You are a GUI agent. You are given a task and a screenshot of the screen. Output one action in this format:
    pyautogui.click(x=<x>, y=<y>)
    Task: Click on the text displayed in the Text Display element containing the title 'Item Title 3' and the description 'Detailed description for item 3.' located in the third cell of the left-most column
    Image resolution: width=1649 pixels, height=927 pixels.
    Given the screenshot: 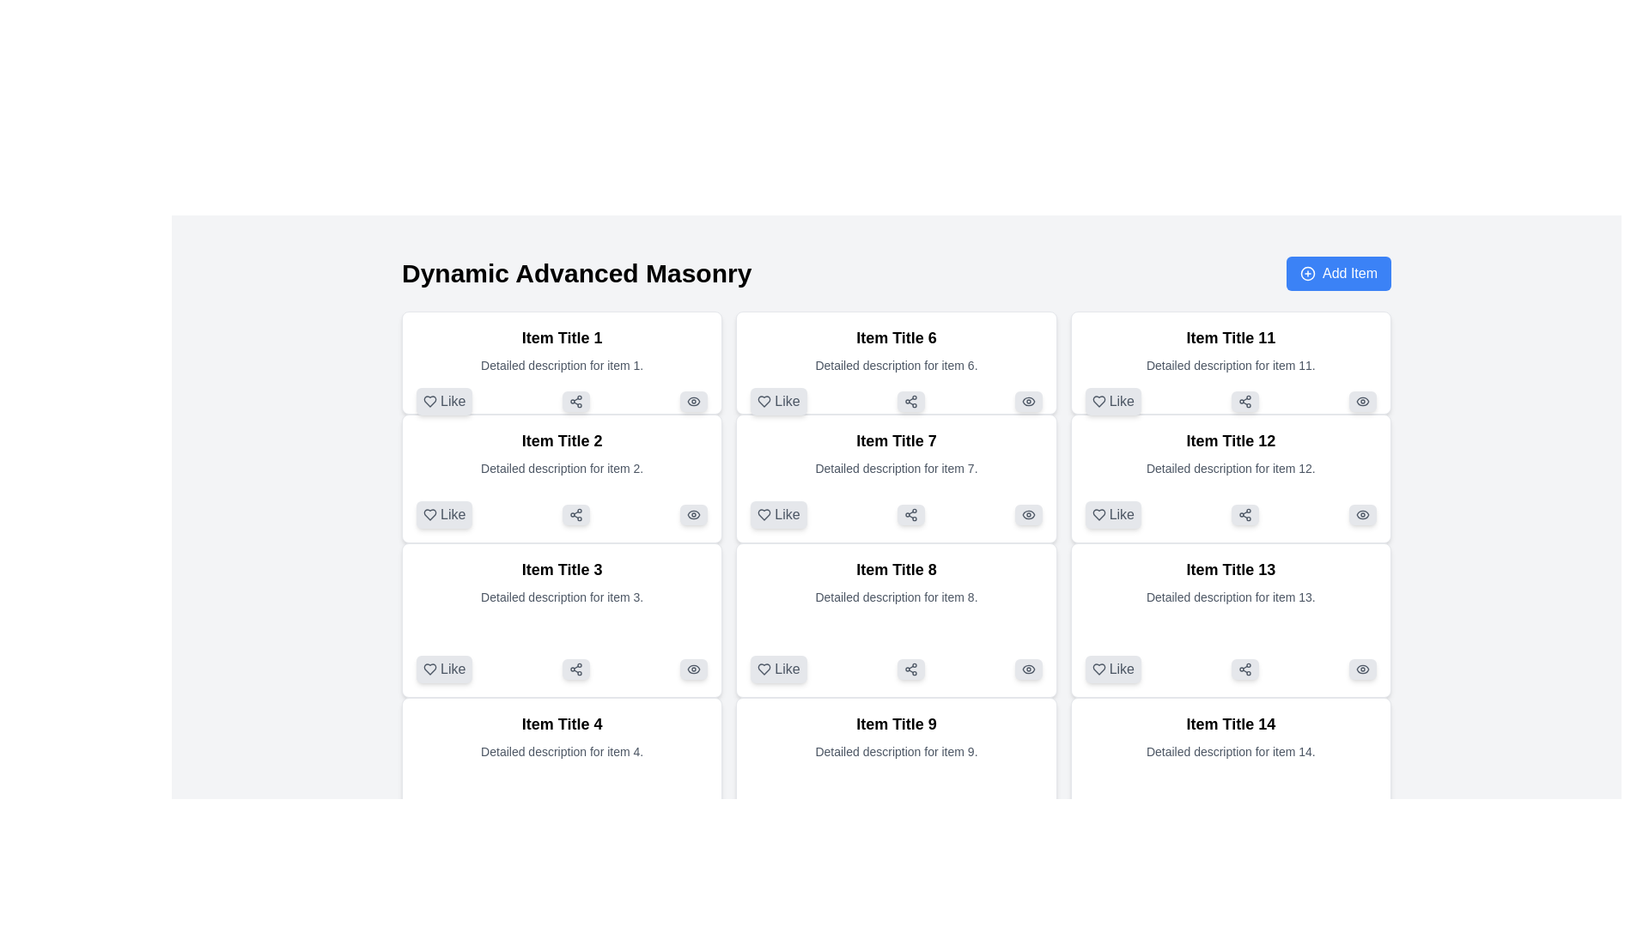 What is the action you would take?
    pyautogui.click(x=562, y=598)
    